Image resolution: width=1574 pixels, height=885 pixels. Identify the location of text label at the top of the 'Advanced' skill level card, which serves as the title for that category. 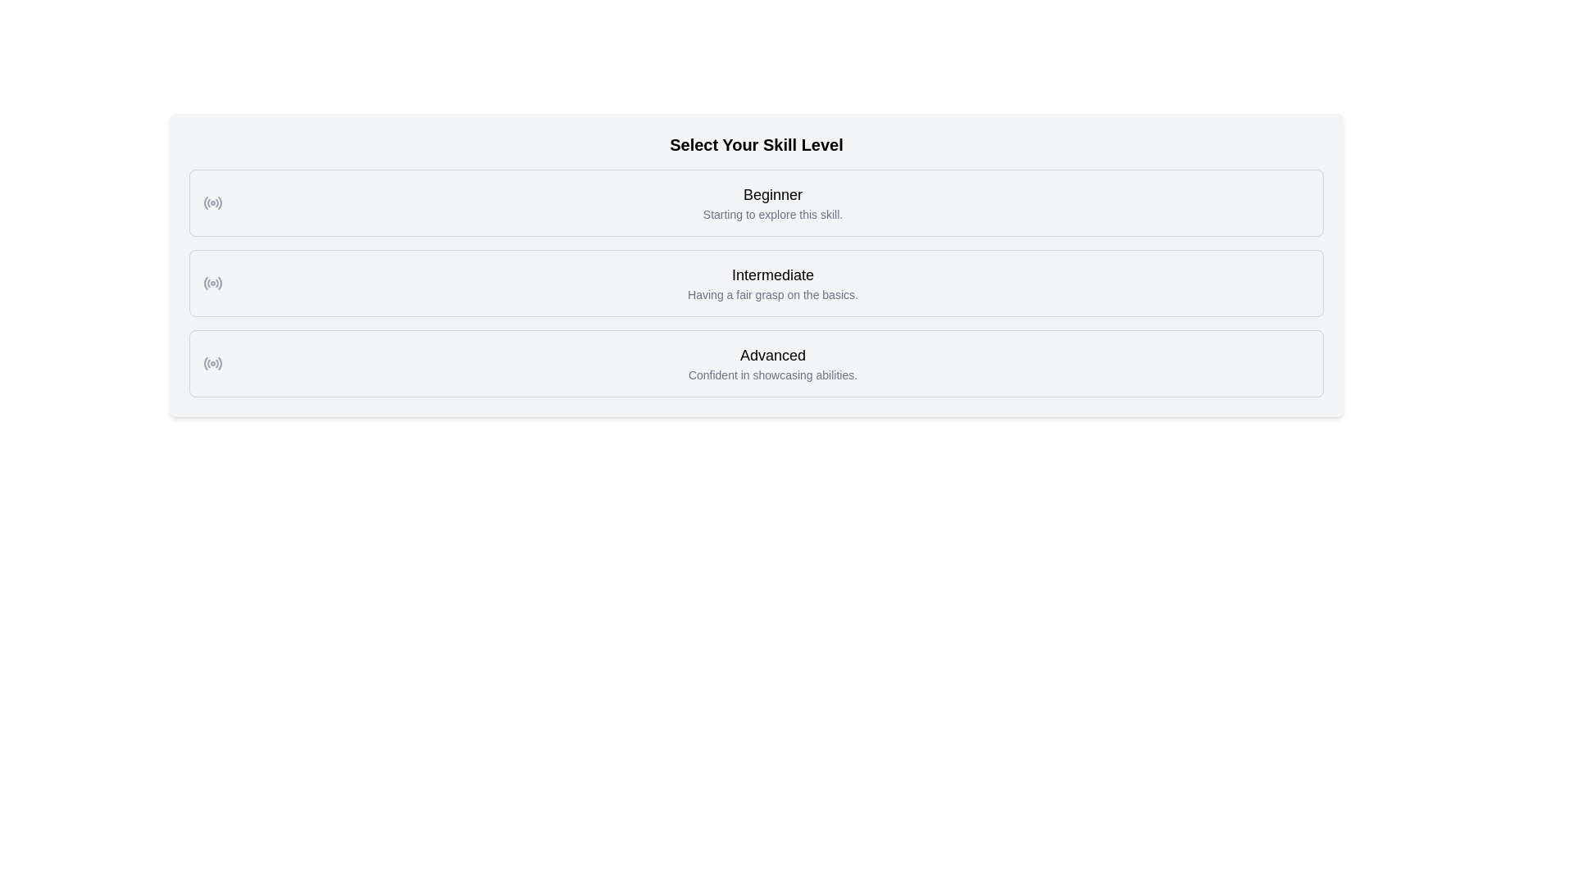
(771, 355).